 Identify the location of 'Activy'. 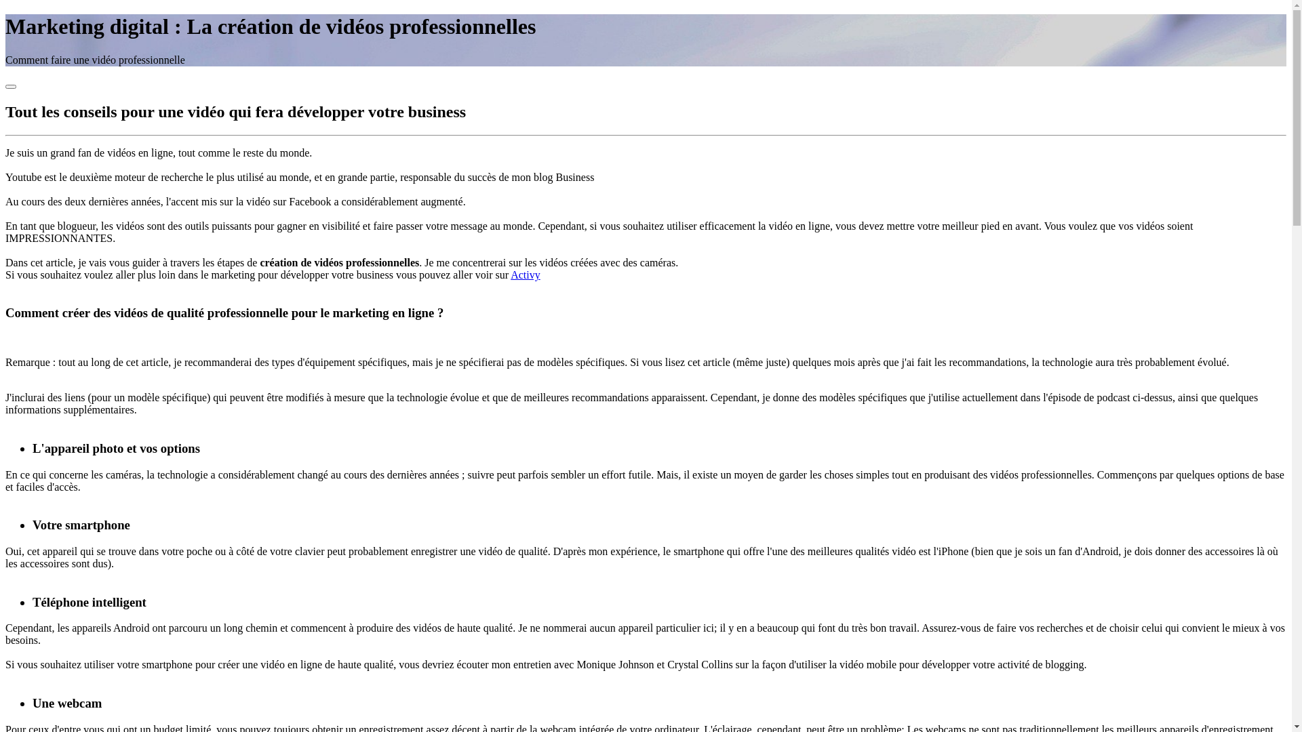
(510, 274).